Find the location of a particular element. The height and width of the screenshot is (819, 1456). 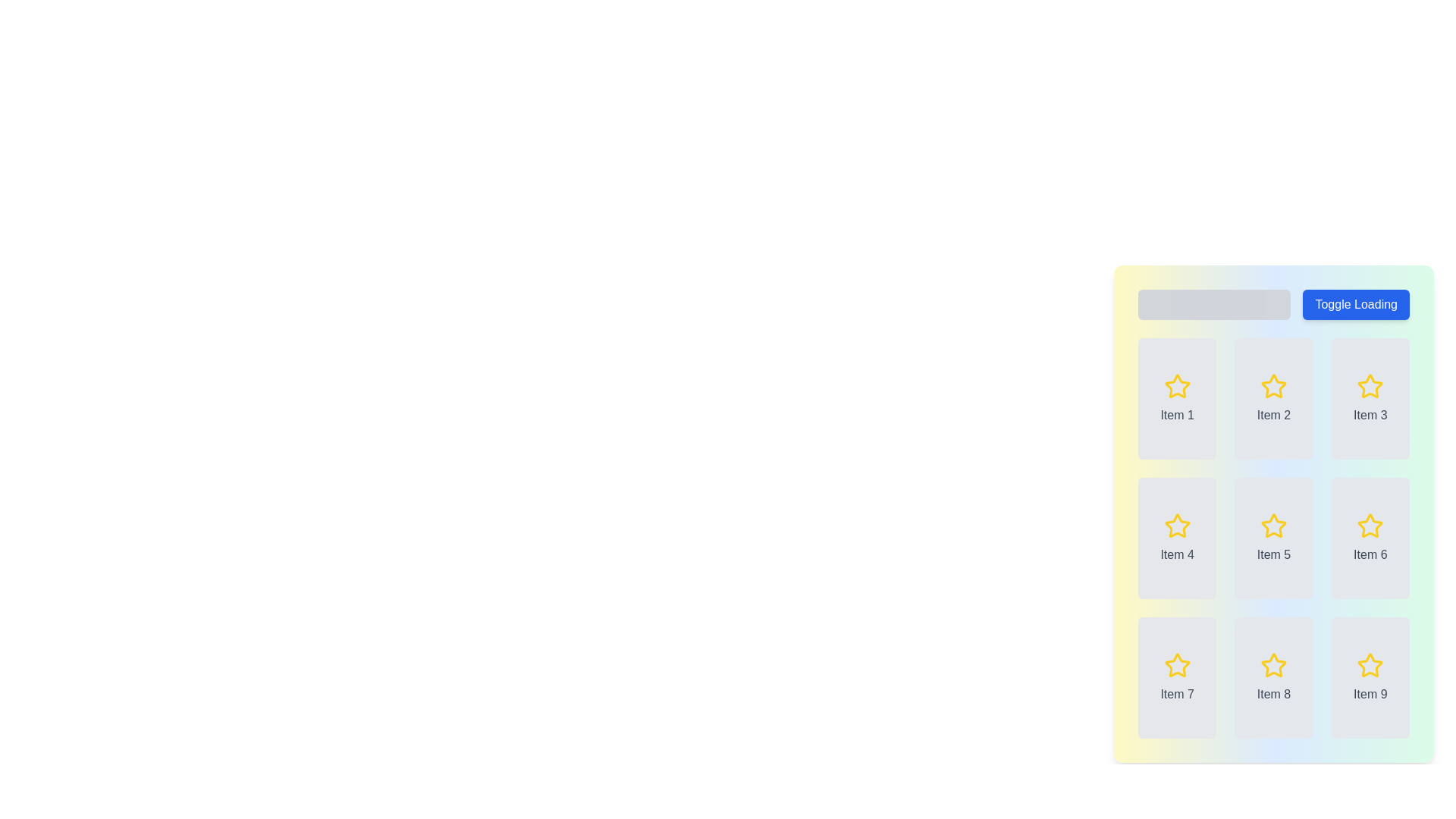

the text label displaying 'Item 9', which is styled with gray color and medium weight font, located under a star icon in the last box of the bottom row is located at coordinates (1370, 694).